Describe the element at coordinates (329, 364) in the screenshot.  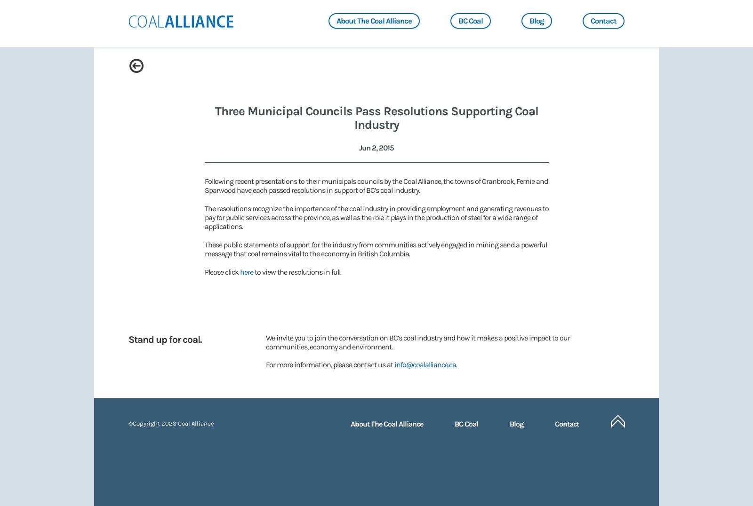
I see `'For more information, please contact us at'` at that location.